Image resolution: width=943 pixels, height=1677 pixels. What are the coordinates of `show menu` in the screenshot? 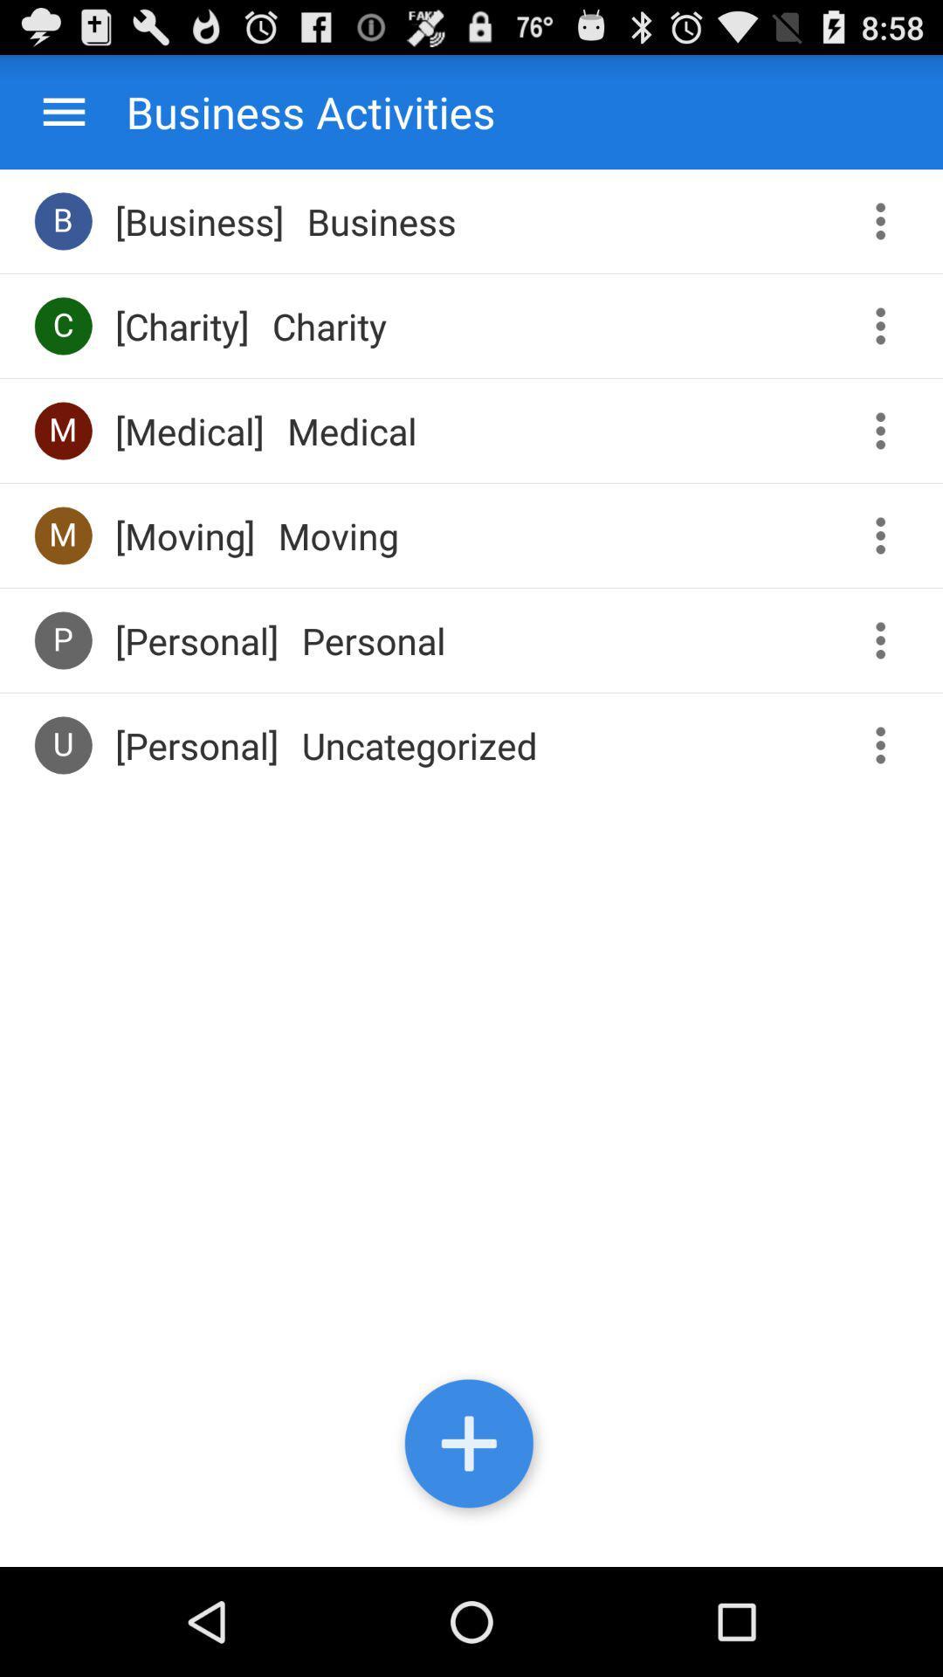 It's located at (886, 535).